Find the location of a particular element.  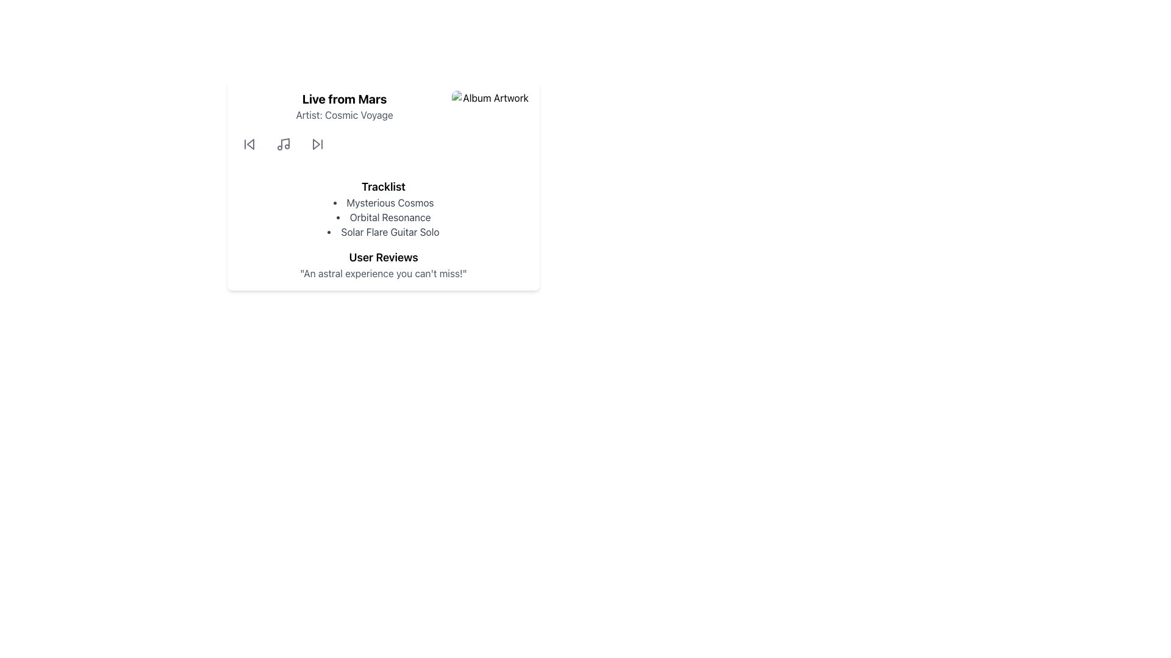

the 'rewind' icon located at the top-left section of the interface card is located at coordinates (250, 143).